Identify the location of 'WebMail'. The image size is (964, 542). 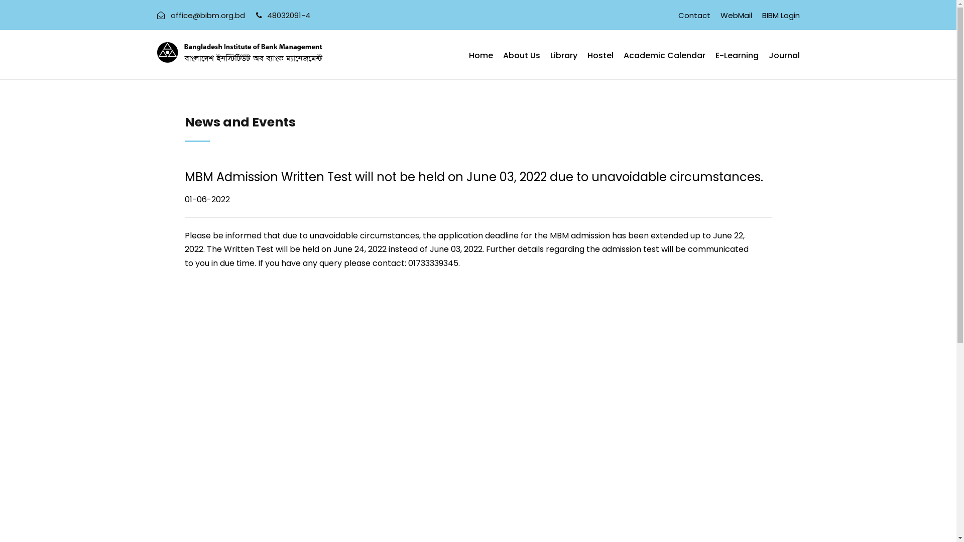
(719, 20).